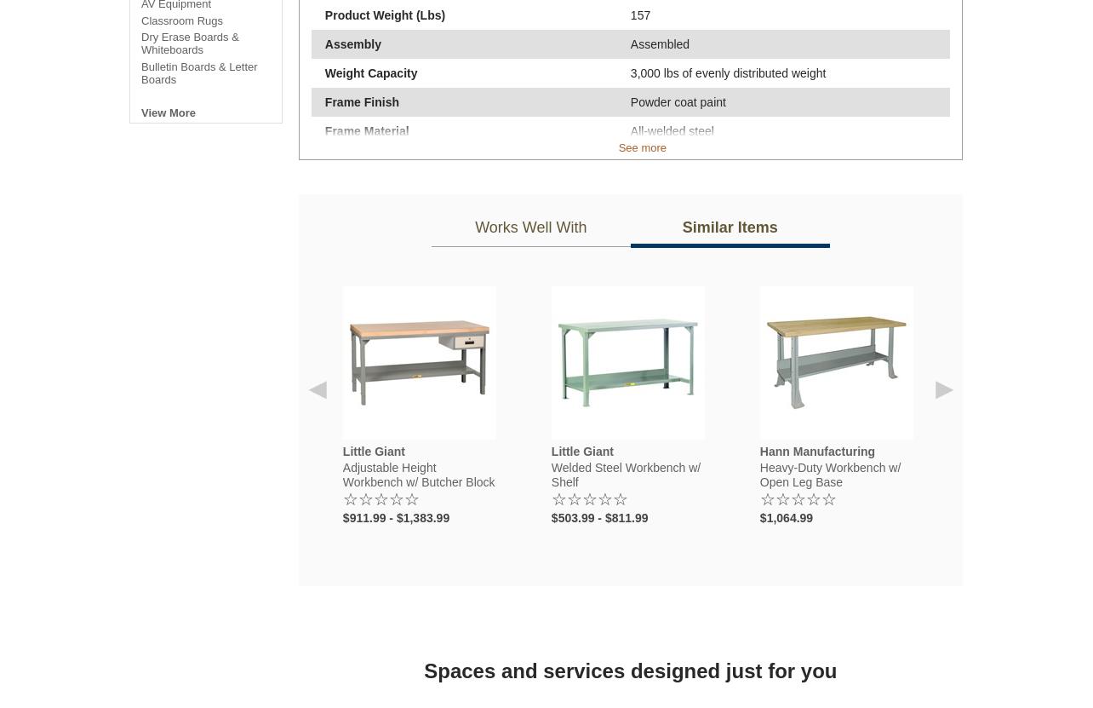 This screenshot has height=708, width=1093. What do you see at coordinates (665, 247) in the screenshot?
I see `'1-year limited'` at bounding box center [665, 247].